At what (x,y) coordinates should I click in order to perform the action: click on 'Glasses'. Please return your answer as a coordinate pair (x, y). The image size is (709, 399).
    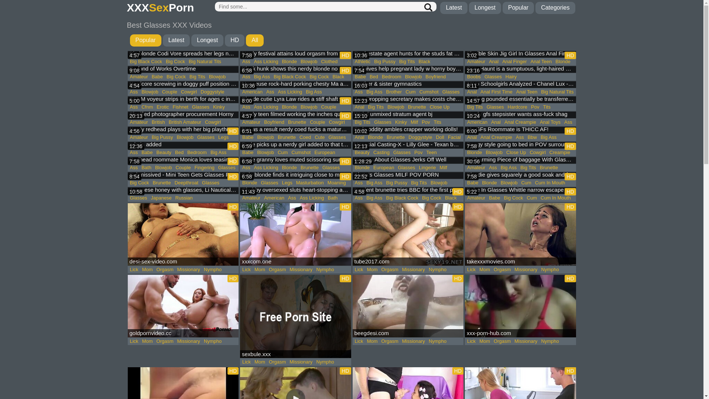
    Looking at the image, I should click on (201, 107).